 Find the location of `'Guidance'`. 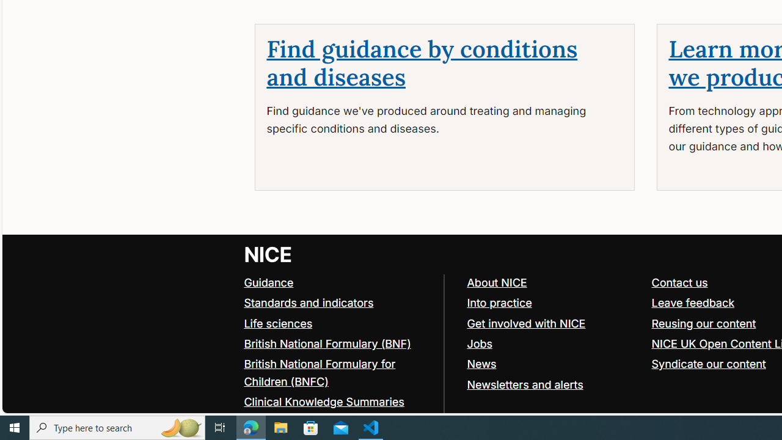

'Guidance' is located at coordinates (268, 282).